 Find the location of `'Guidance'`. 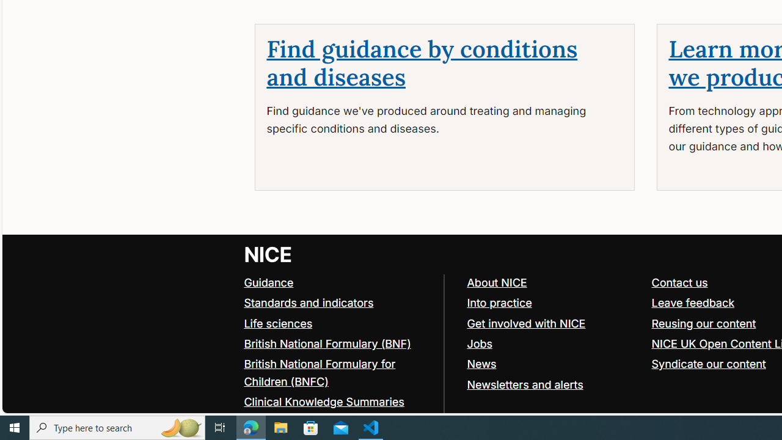

'Guidance' is located at coordinates (268, 282).